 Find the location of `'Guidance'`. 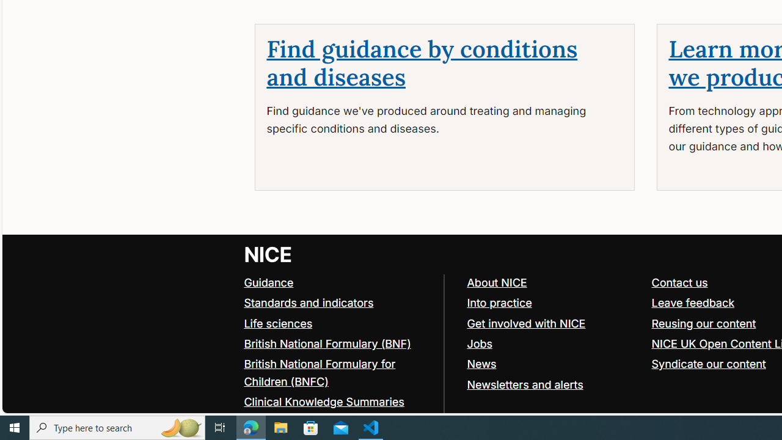

'Guidance' is located at coordinates (268, 282).